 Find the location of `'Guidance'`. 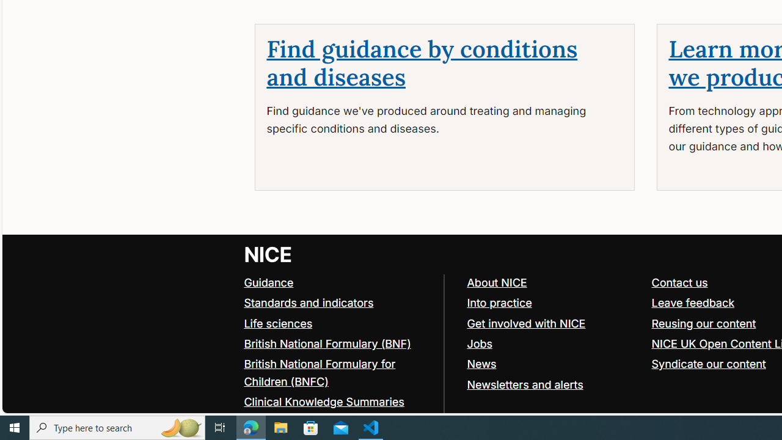

'Guidance' is located at coordinates (268, 282).